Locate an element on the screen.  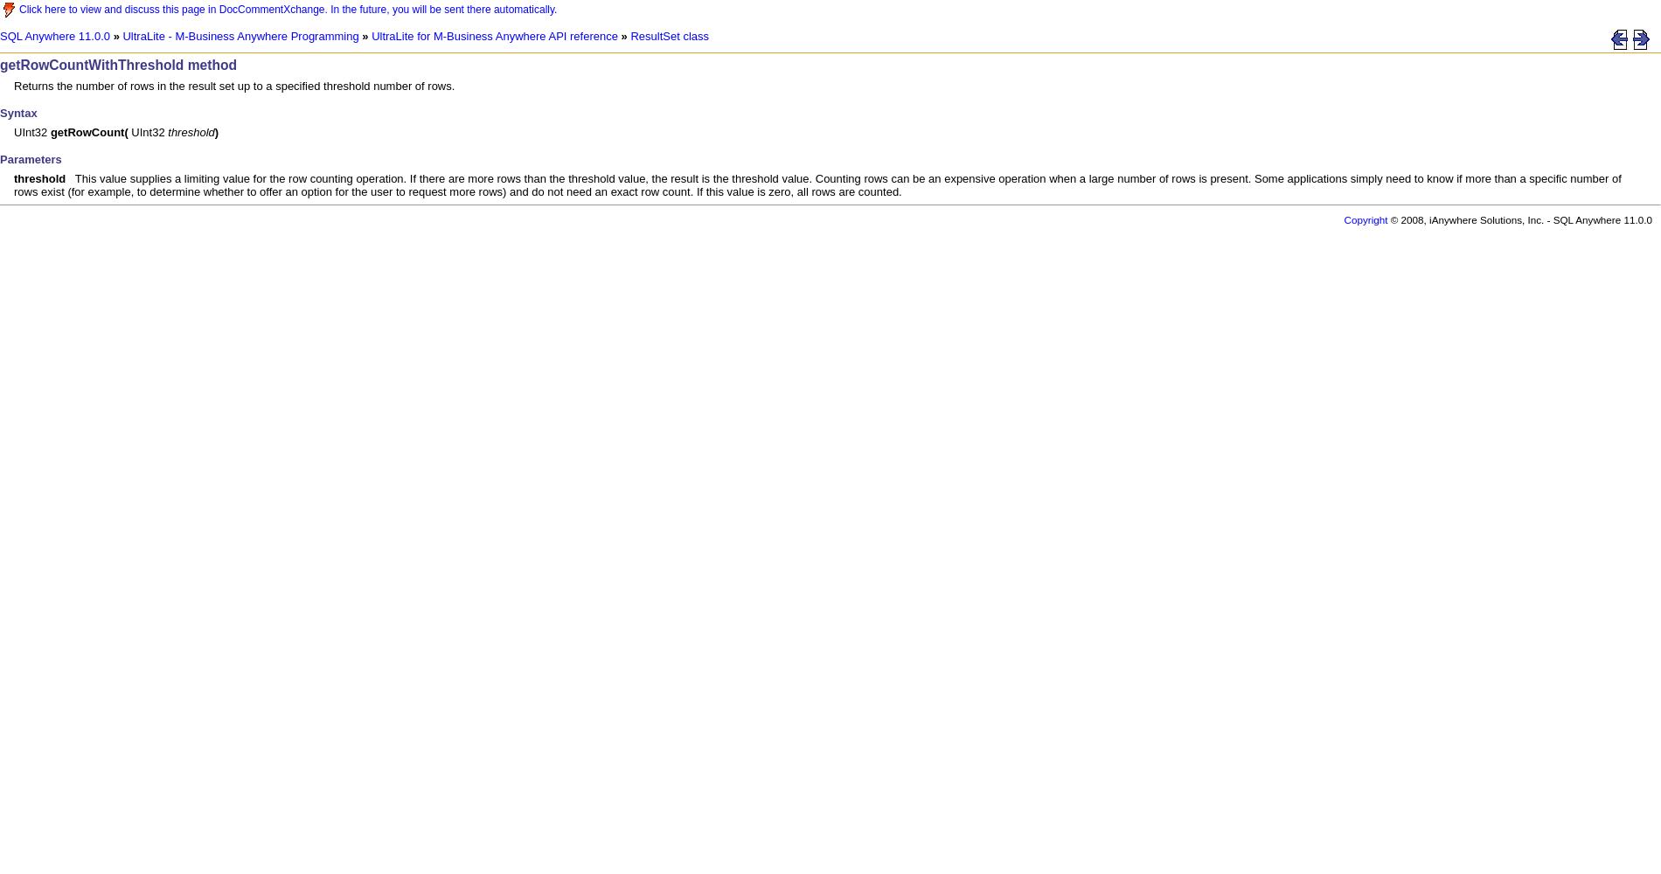
'This value supplies a limiting value for the row counting operation. If there are more rows than the threshold value, the
               result is the threshold value. Counting rows can be an expensive operation when a large number of rows is present. Some applications
               simply need to know if more than a specific number of rows exist (for example, to determine whether to offer an option for
               the user to request more rows) and do not need an exact row count. If this value is zero, all rows are counted.' is located at coordinates (816, 184).